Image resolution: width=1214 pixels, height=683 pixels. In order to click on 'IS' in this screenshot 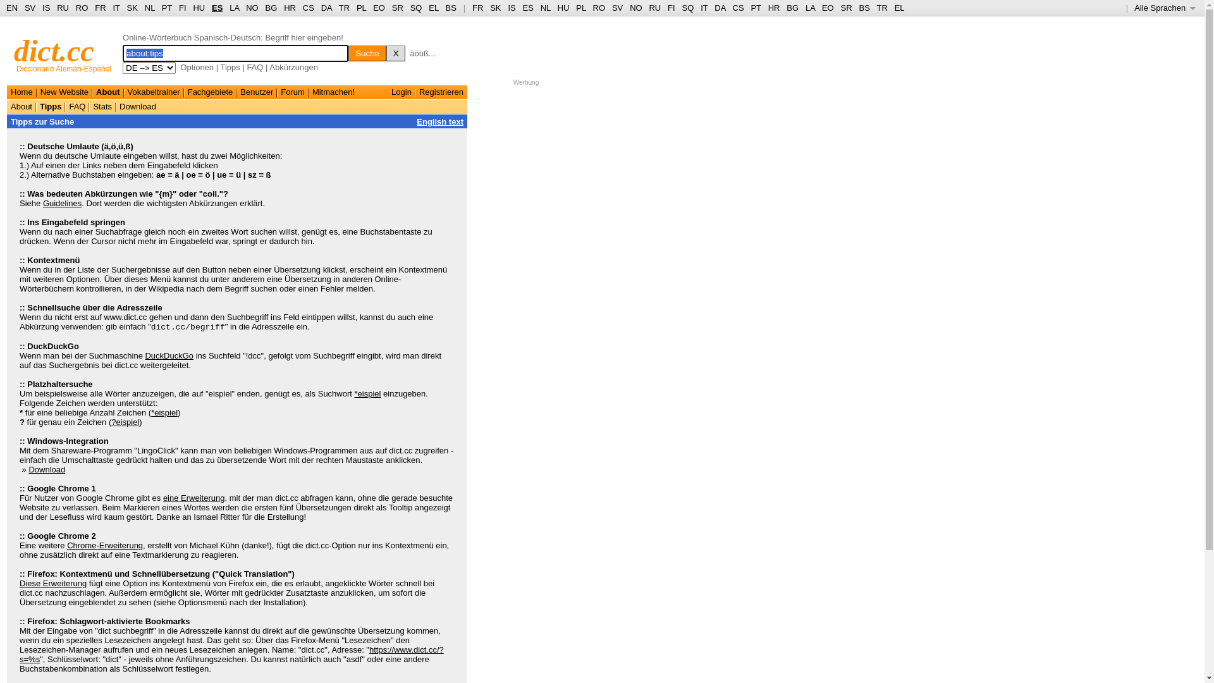, I will do `click(512, 8)`.